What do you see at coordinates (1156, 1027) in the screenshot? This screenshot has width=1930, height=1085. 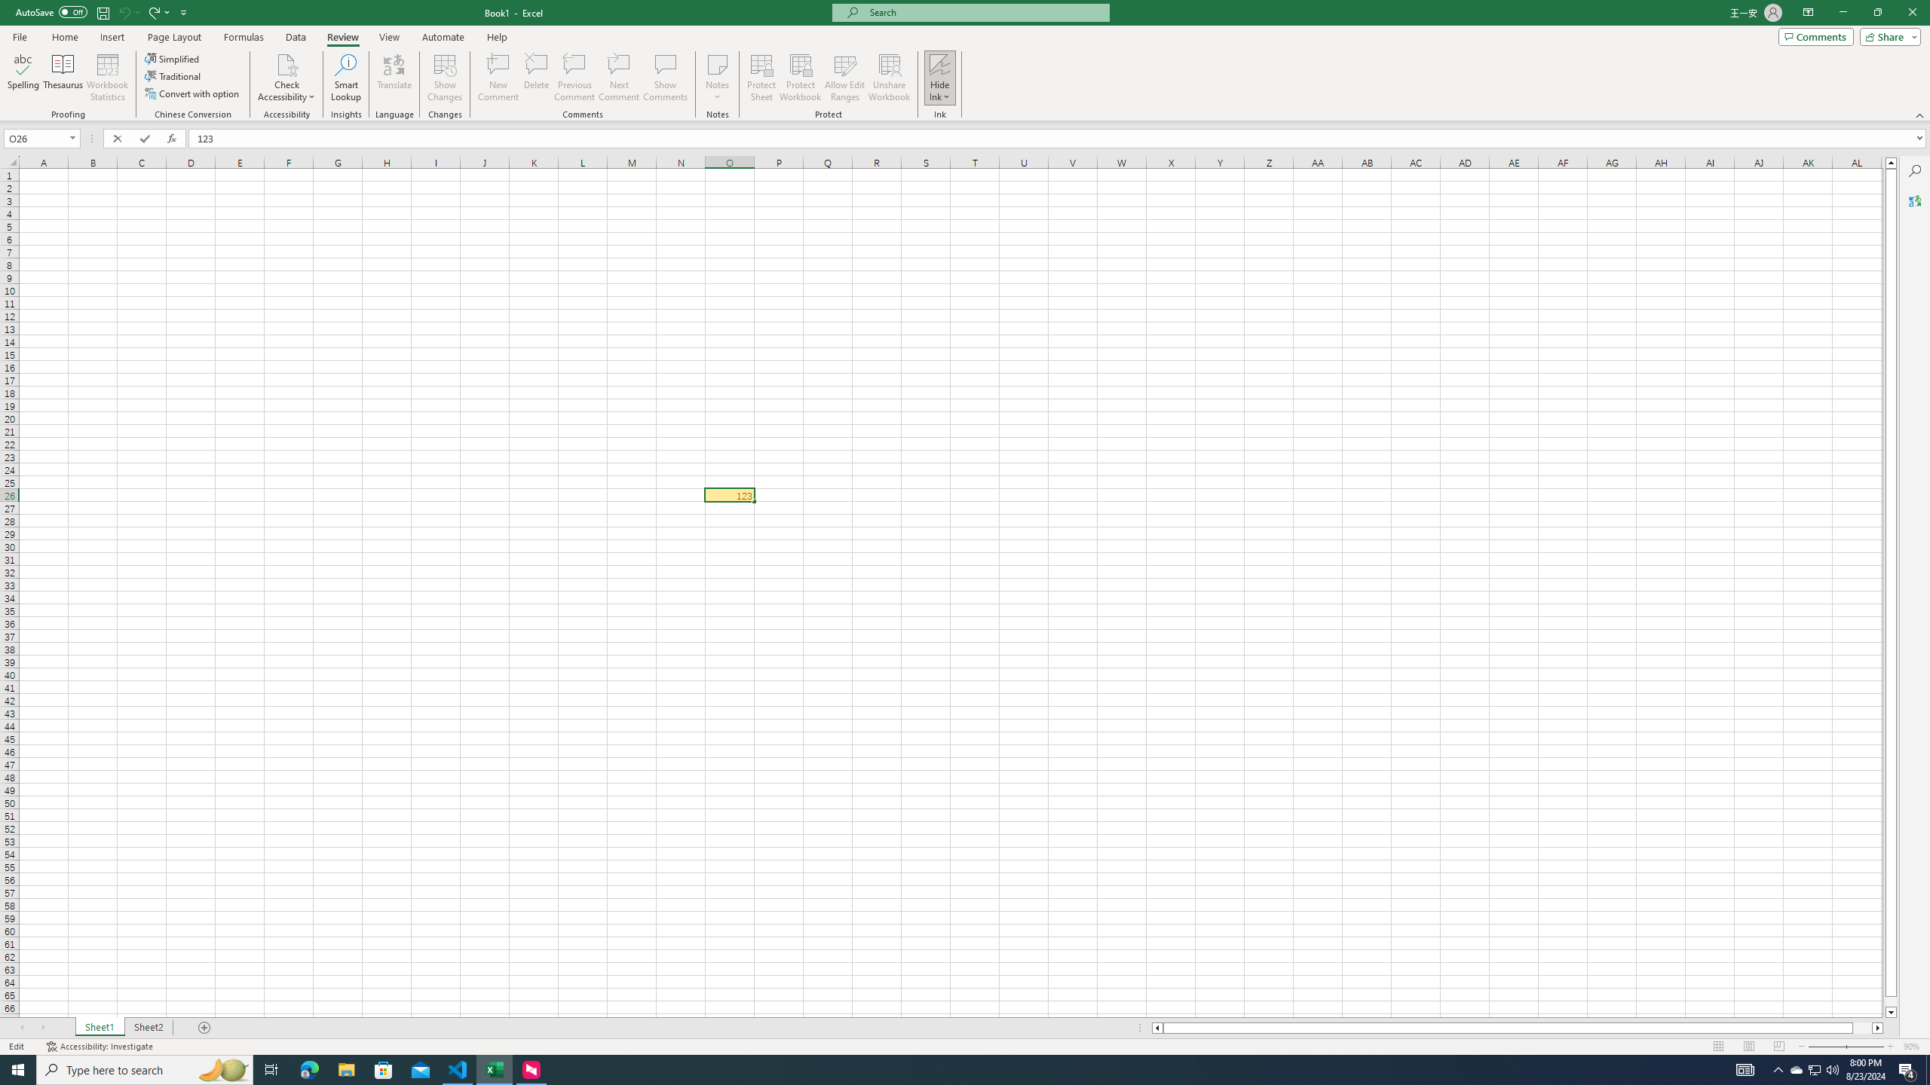 I see `'Column left'` at bounding box center [1156, 1027].